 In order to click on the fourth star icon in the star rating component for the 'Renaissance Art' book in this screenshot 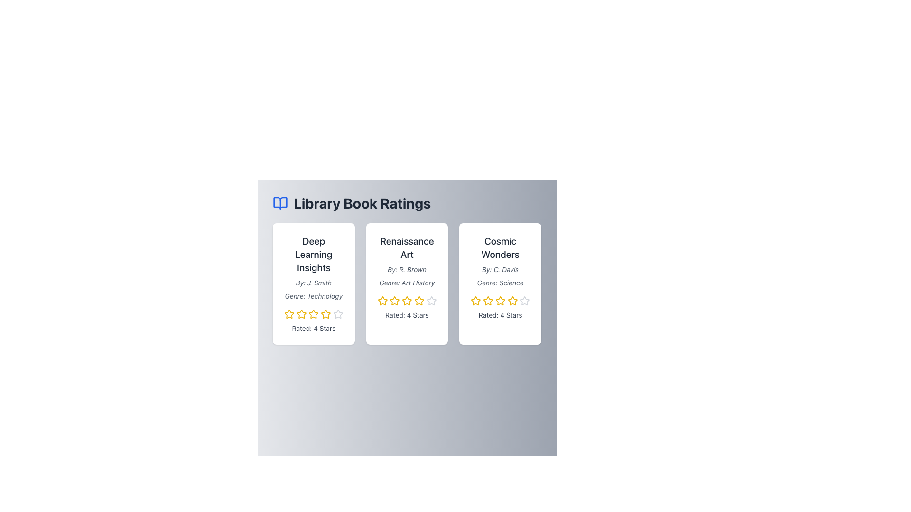, I will do `click(431, 301)`.